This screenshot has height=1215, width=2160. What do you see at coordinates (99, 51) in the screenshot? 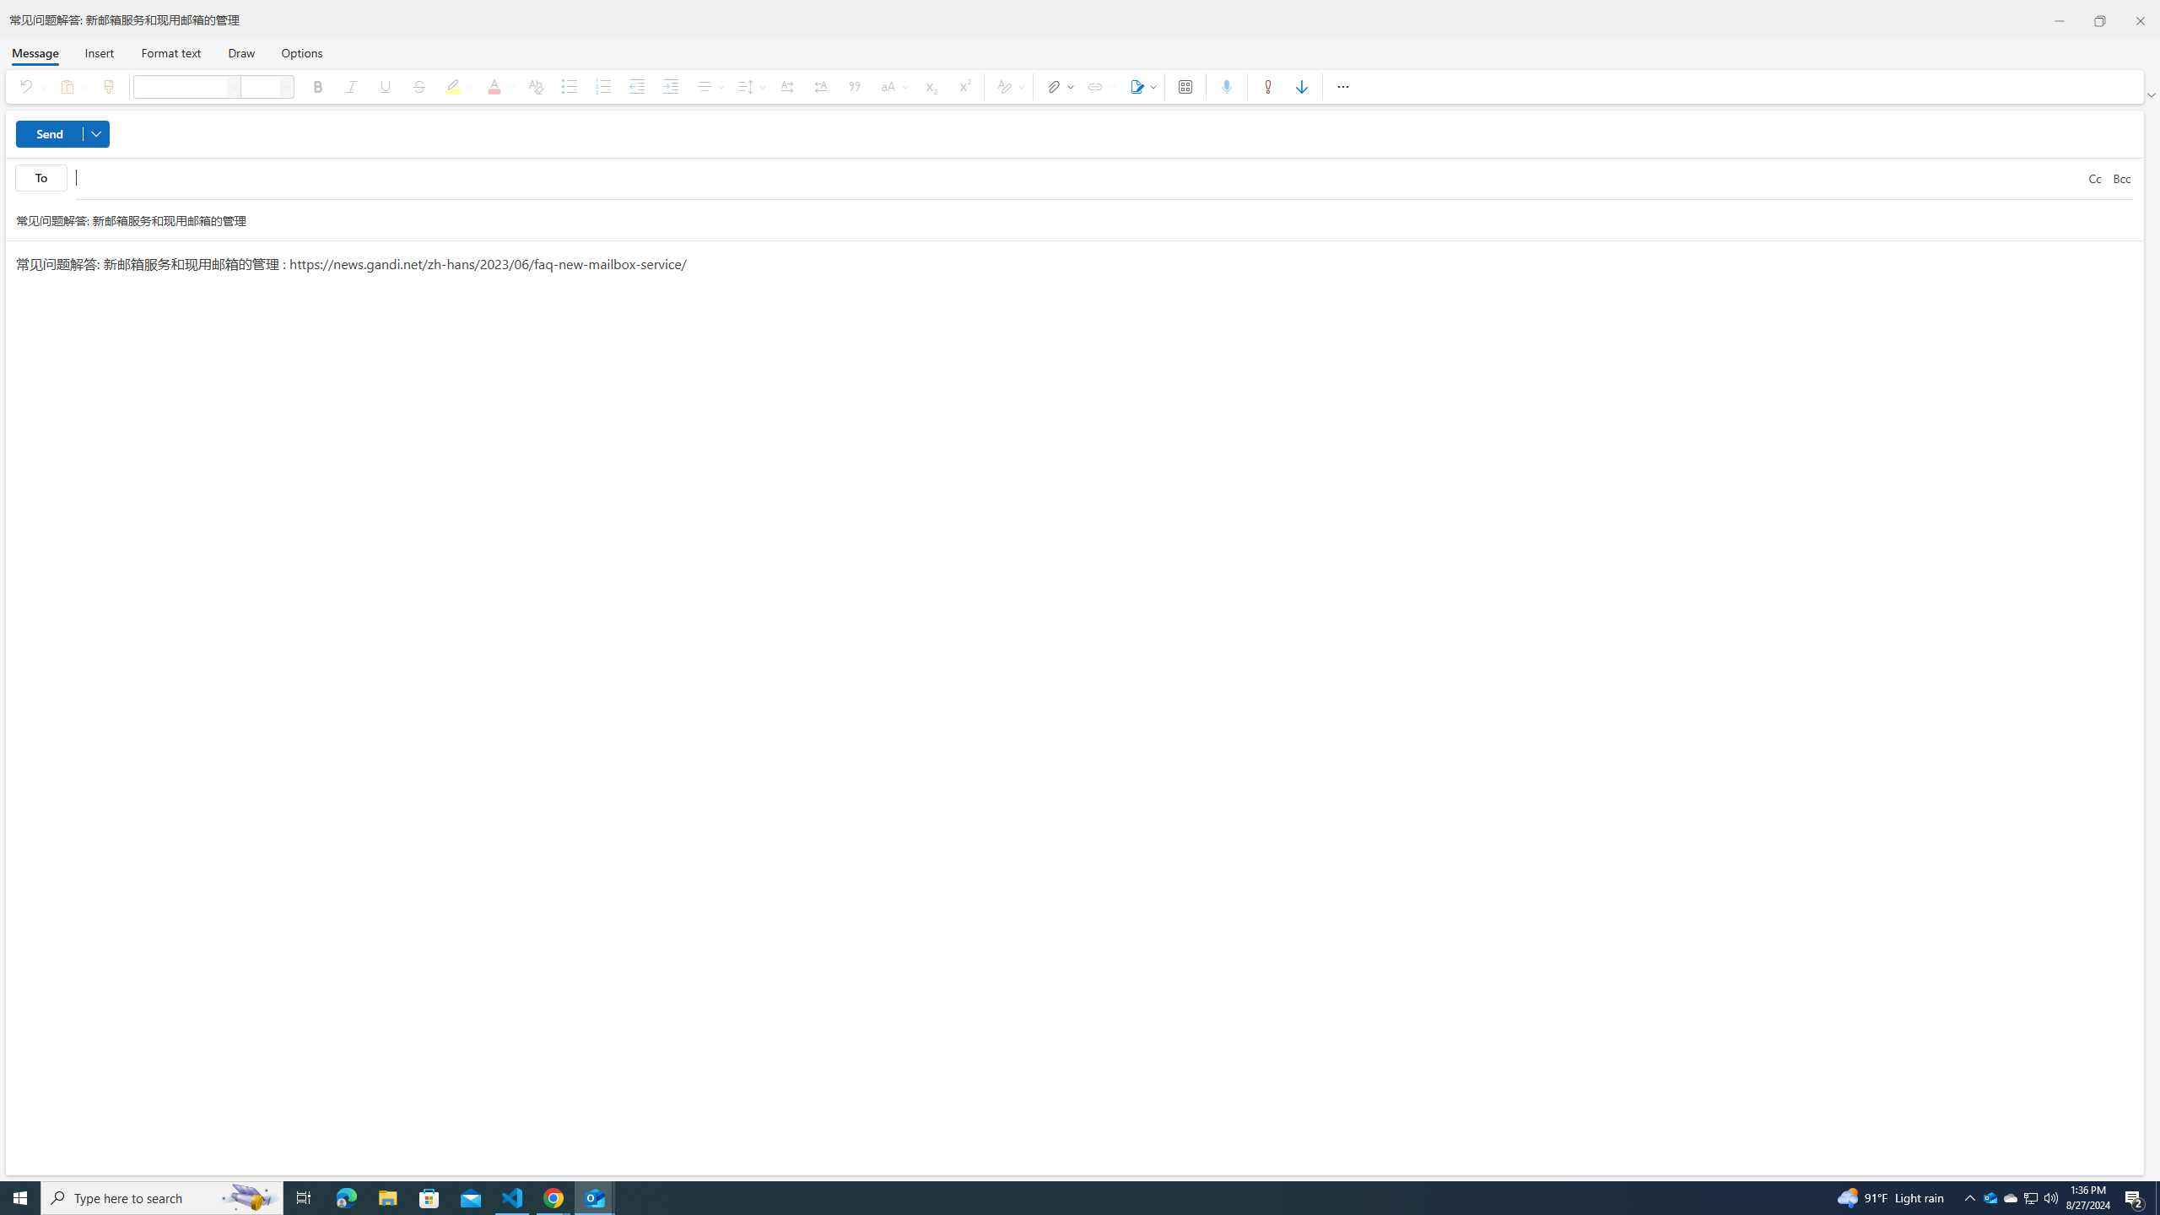
I see `'Insert'` at bounding box center [99, 51].